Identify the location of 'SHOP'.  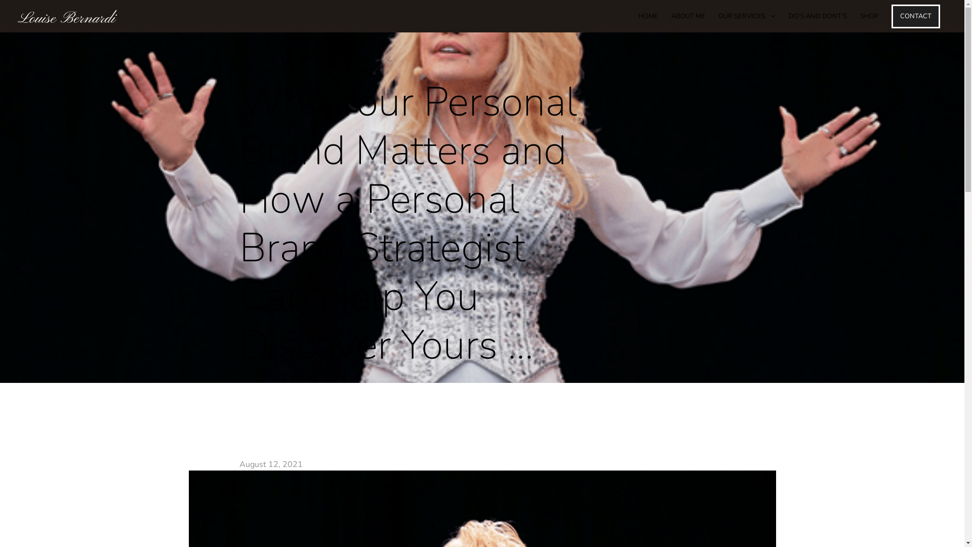
(869, 16).